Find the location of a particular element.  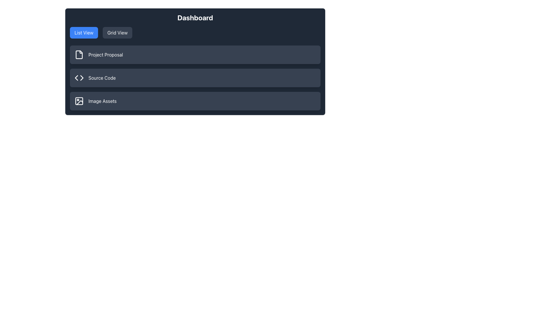

the small triangular marker pointing to the right, part of the 'Source Code' item icon is located at coordinates (82, 78).